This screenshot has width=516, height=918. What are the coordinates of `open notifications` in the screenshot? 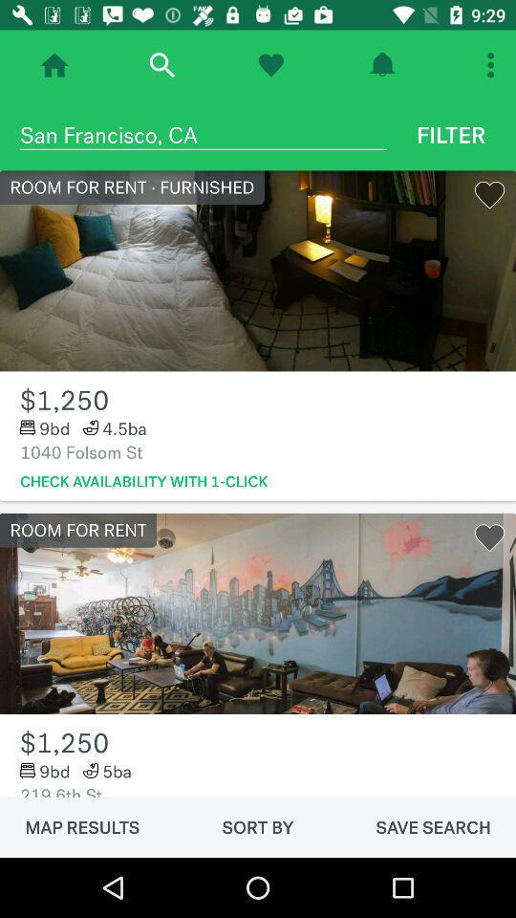 It's located at (382, 65).